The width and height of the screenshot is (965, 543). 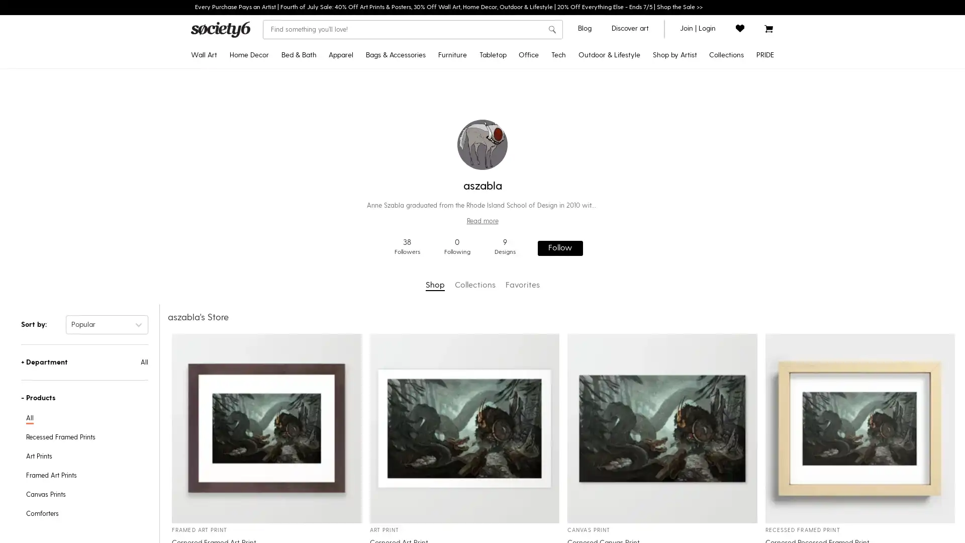 I want to click on Counter Stools, so click(x=469, y=129).